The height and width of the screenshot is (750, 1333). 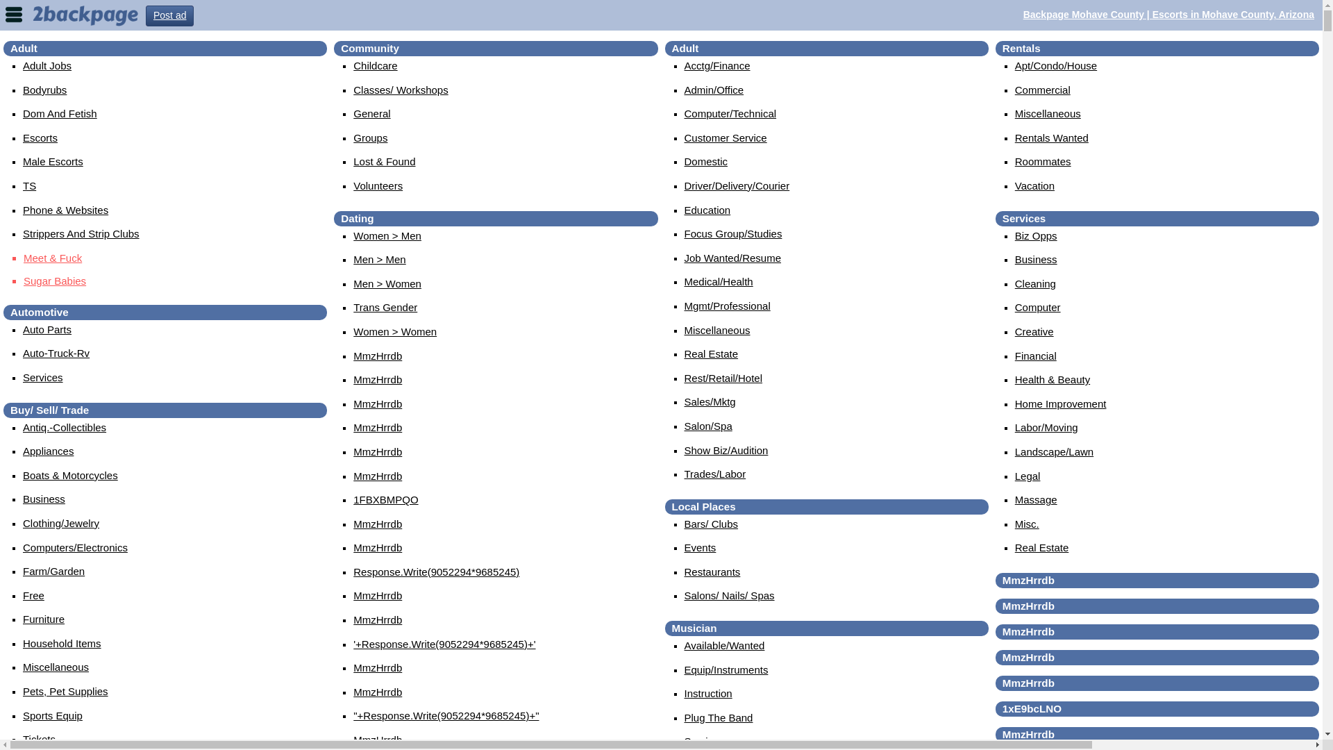 I want to click on 'Creative', so click(x=1034, y=331).